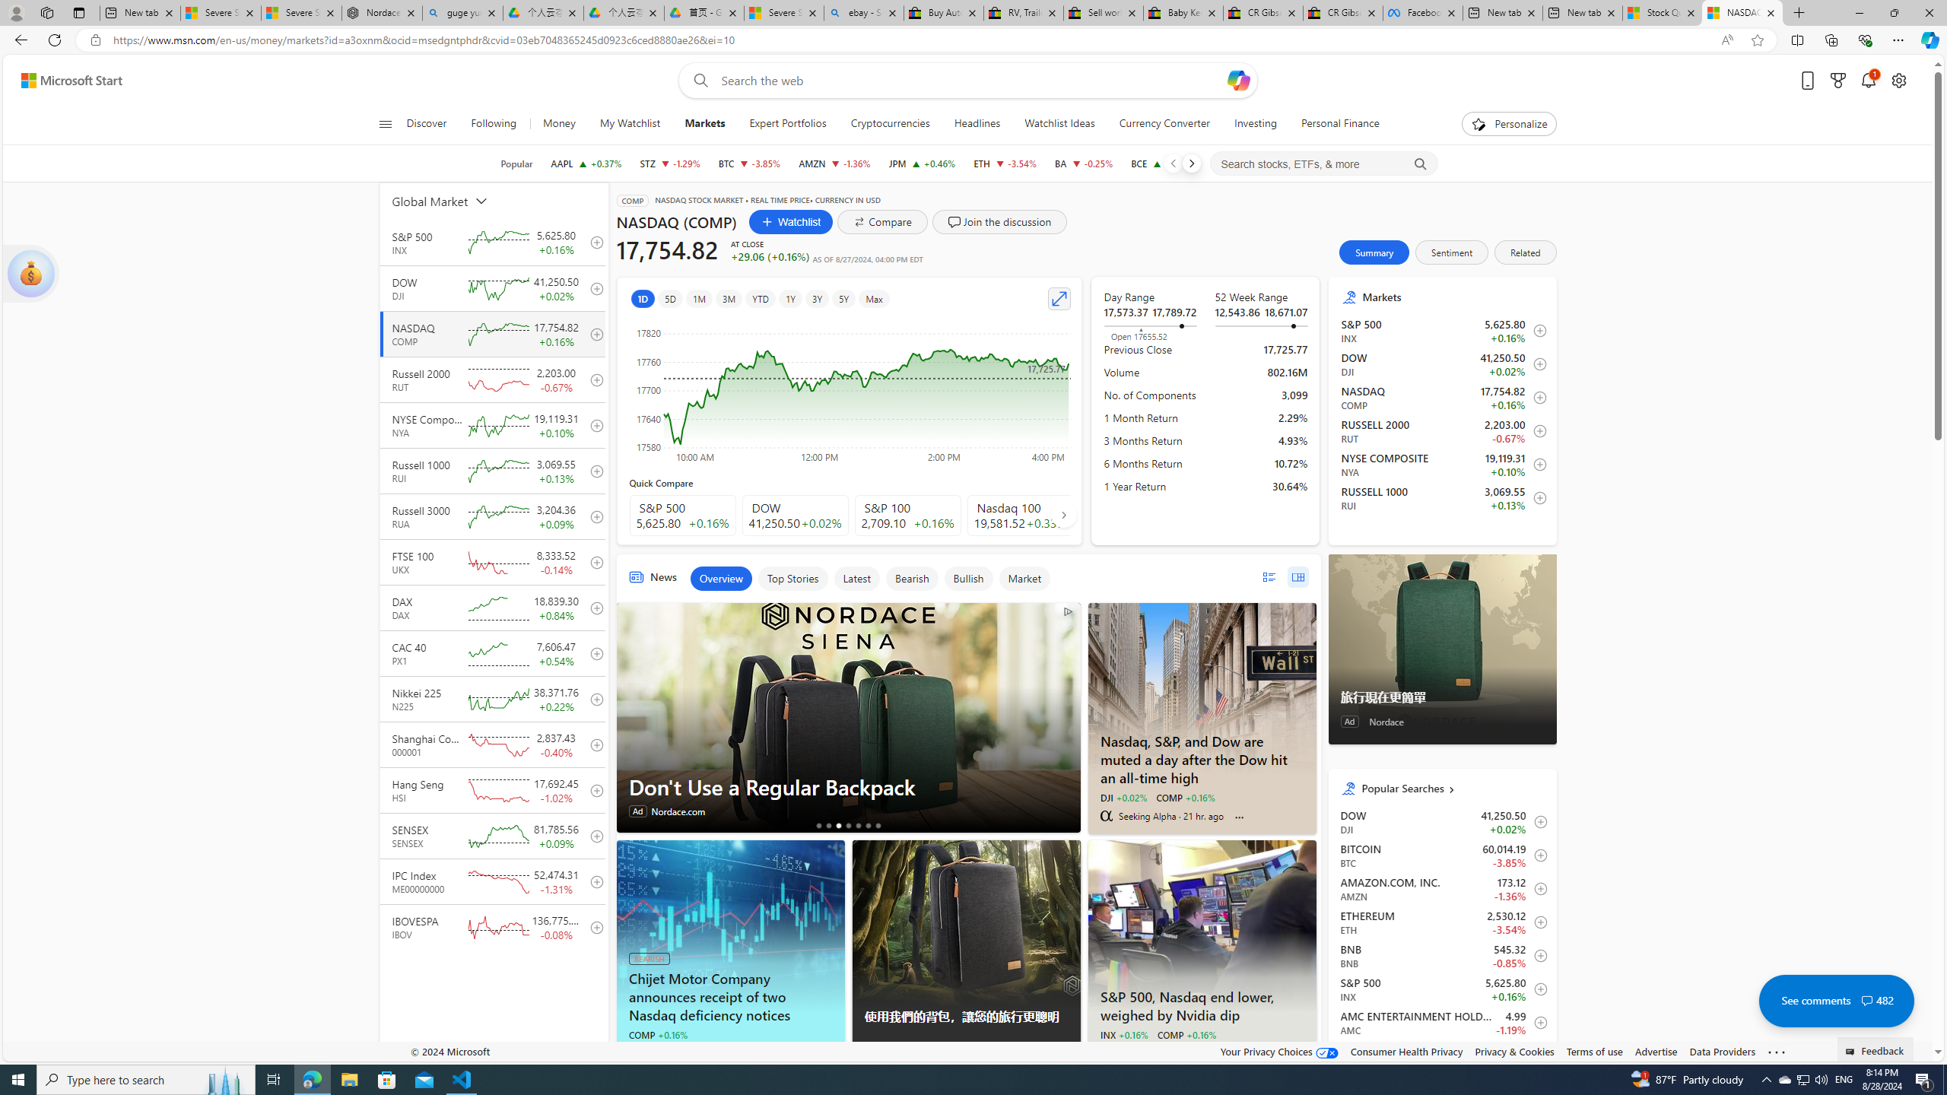 Image resolution: width=1947 pixels, height=1095 pixels. Describe the element at coordinates (1062, 513) in the screenshot. I see `'AutomationID: finance_carousel_navi_right'` at that location.